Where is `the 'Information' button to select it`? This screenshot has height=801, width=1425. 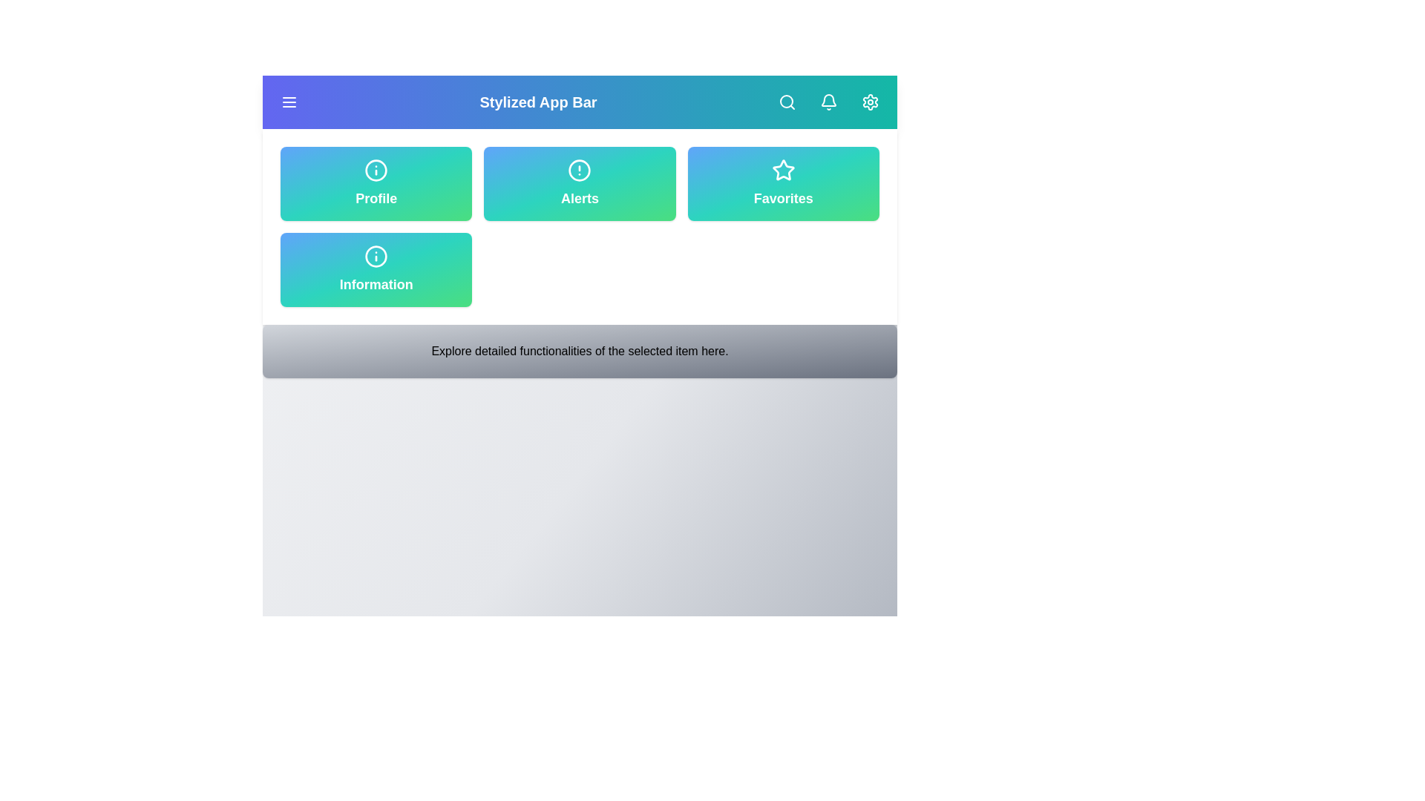
the 'Information' button to select it is located at coordinates (376, 269).